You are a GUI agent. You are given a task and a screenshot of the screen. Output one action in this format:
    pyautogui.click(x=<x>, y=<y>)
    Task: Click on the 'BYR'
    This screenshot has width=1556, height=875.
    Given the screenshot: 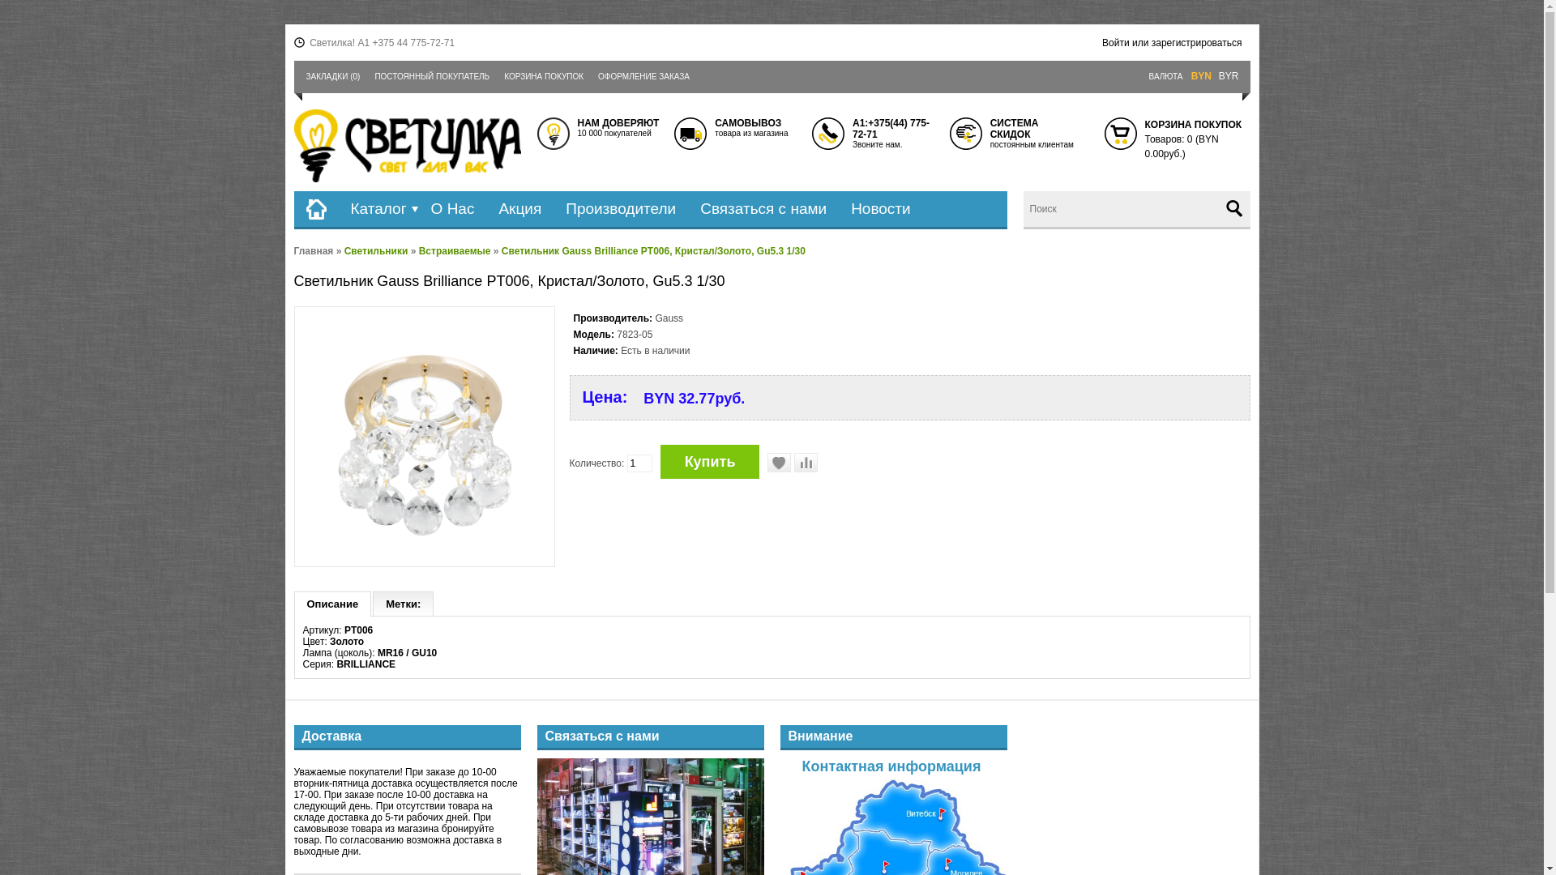 What is the action you would take?
    pyautogui.click(x=1229, y=76)
    